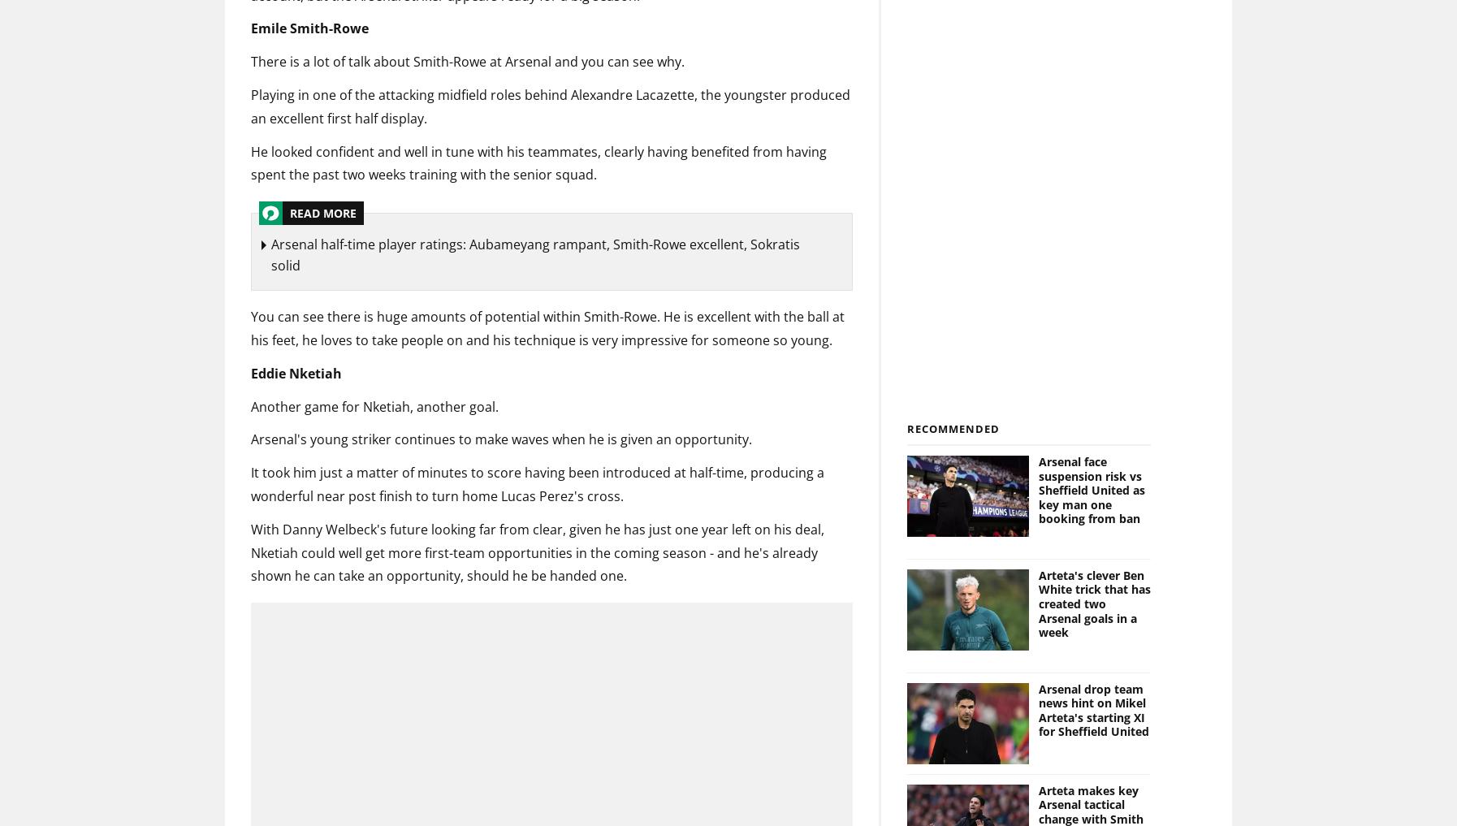  Describe the element at coordinates (309, 27) in the screenshot. I see `'Emile Smith-Rowe'` at that location.